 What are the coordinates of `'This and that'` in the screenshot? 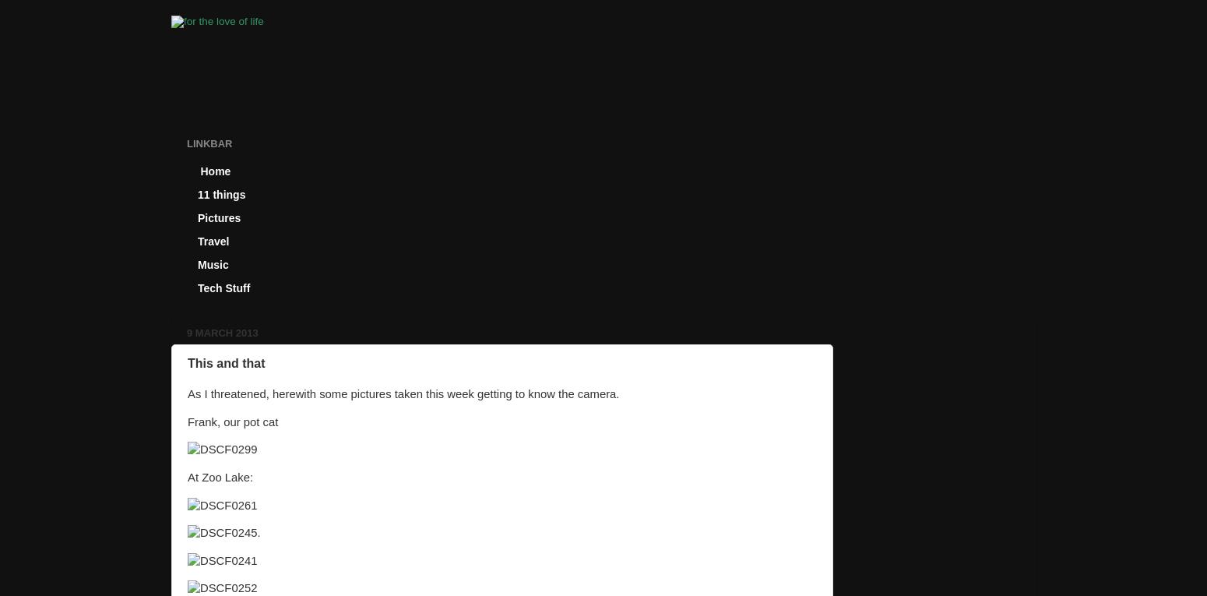 It's located at (226, 361).